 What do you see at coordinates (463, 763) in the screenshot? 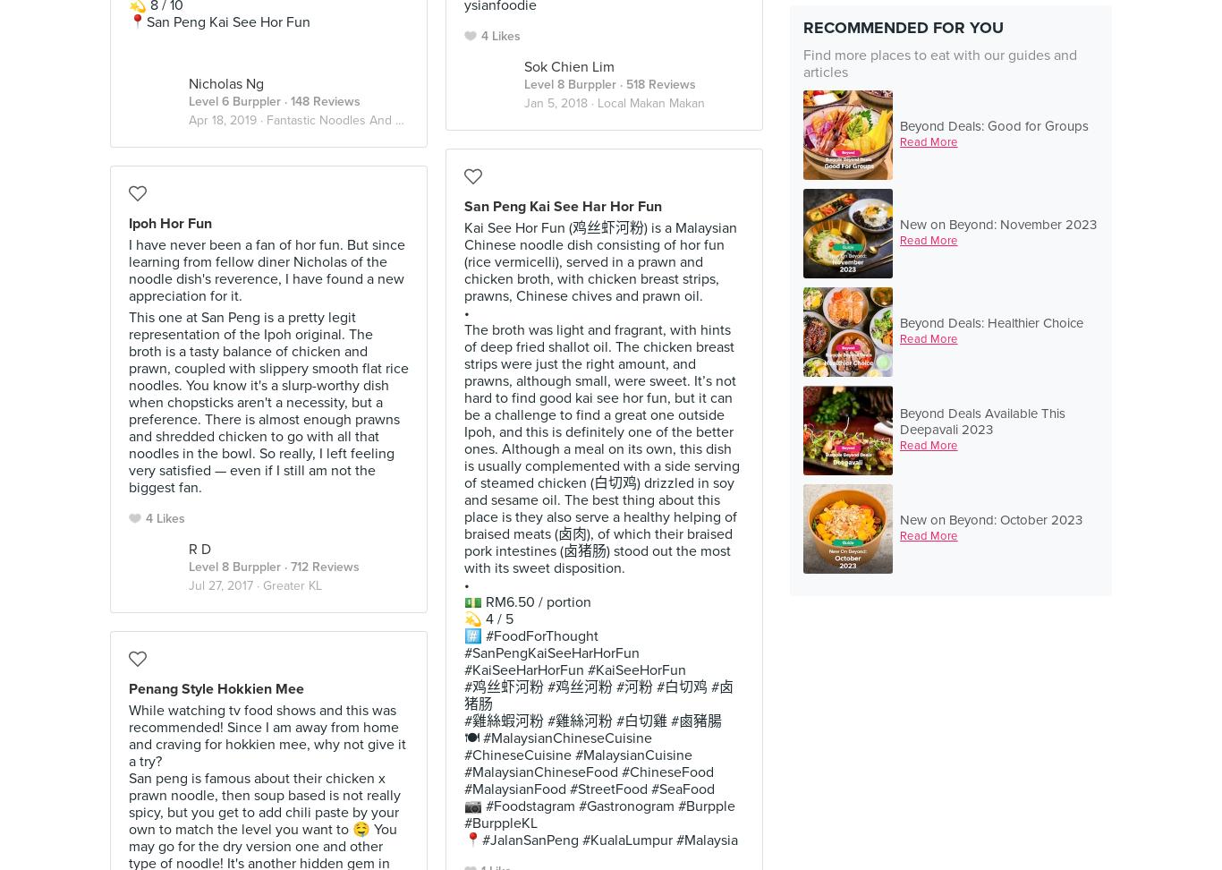
I see `'🍽 #MalaysianChineseCuisine #ChineseCuisine #MalaysianCuisine #MalaysianChineseFood #ChineseFood #MalaysianFood #StreetFood #SeaFood'` at bounding box center [463, 763].